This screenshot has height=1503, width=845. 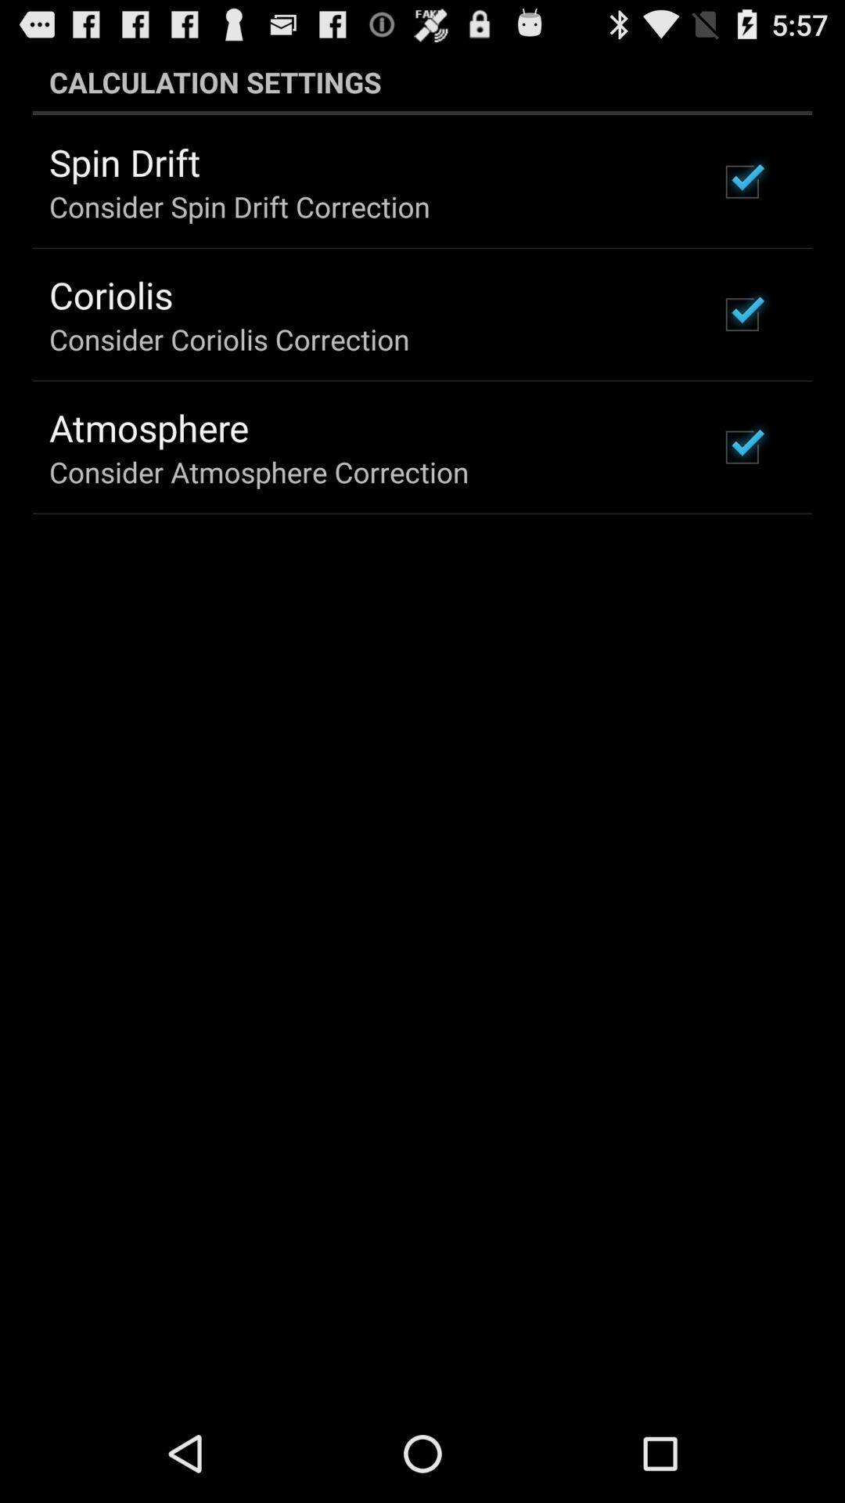 What do you see at coordinates (422, 81) in the screenshot?
I see `the calculation settings app` at bounding box center [422, 81].